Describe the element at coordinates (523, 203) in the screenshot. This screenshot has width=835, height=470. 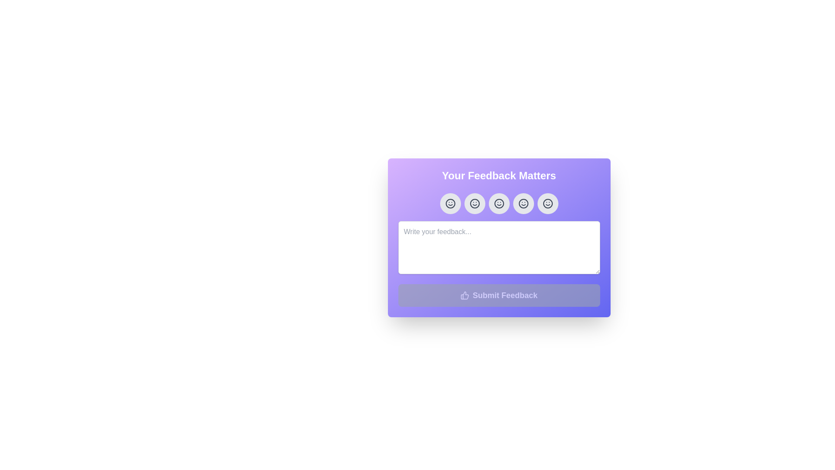
I see `the fourth button in a row of five circular buttons` at that location.